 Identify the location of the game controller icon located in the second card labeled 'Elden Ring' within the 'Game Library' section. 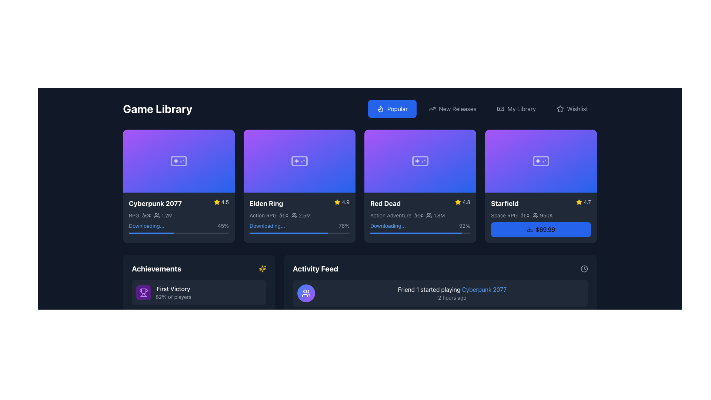
(300, 160).